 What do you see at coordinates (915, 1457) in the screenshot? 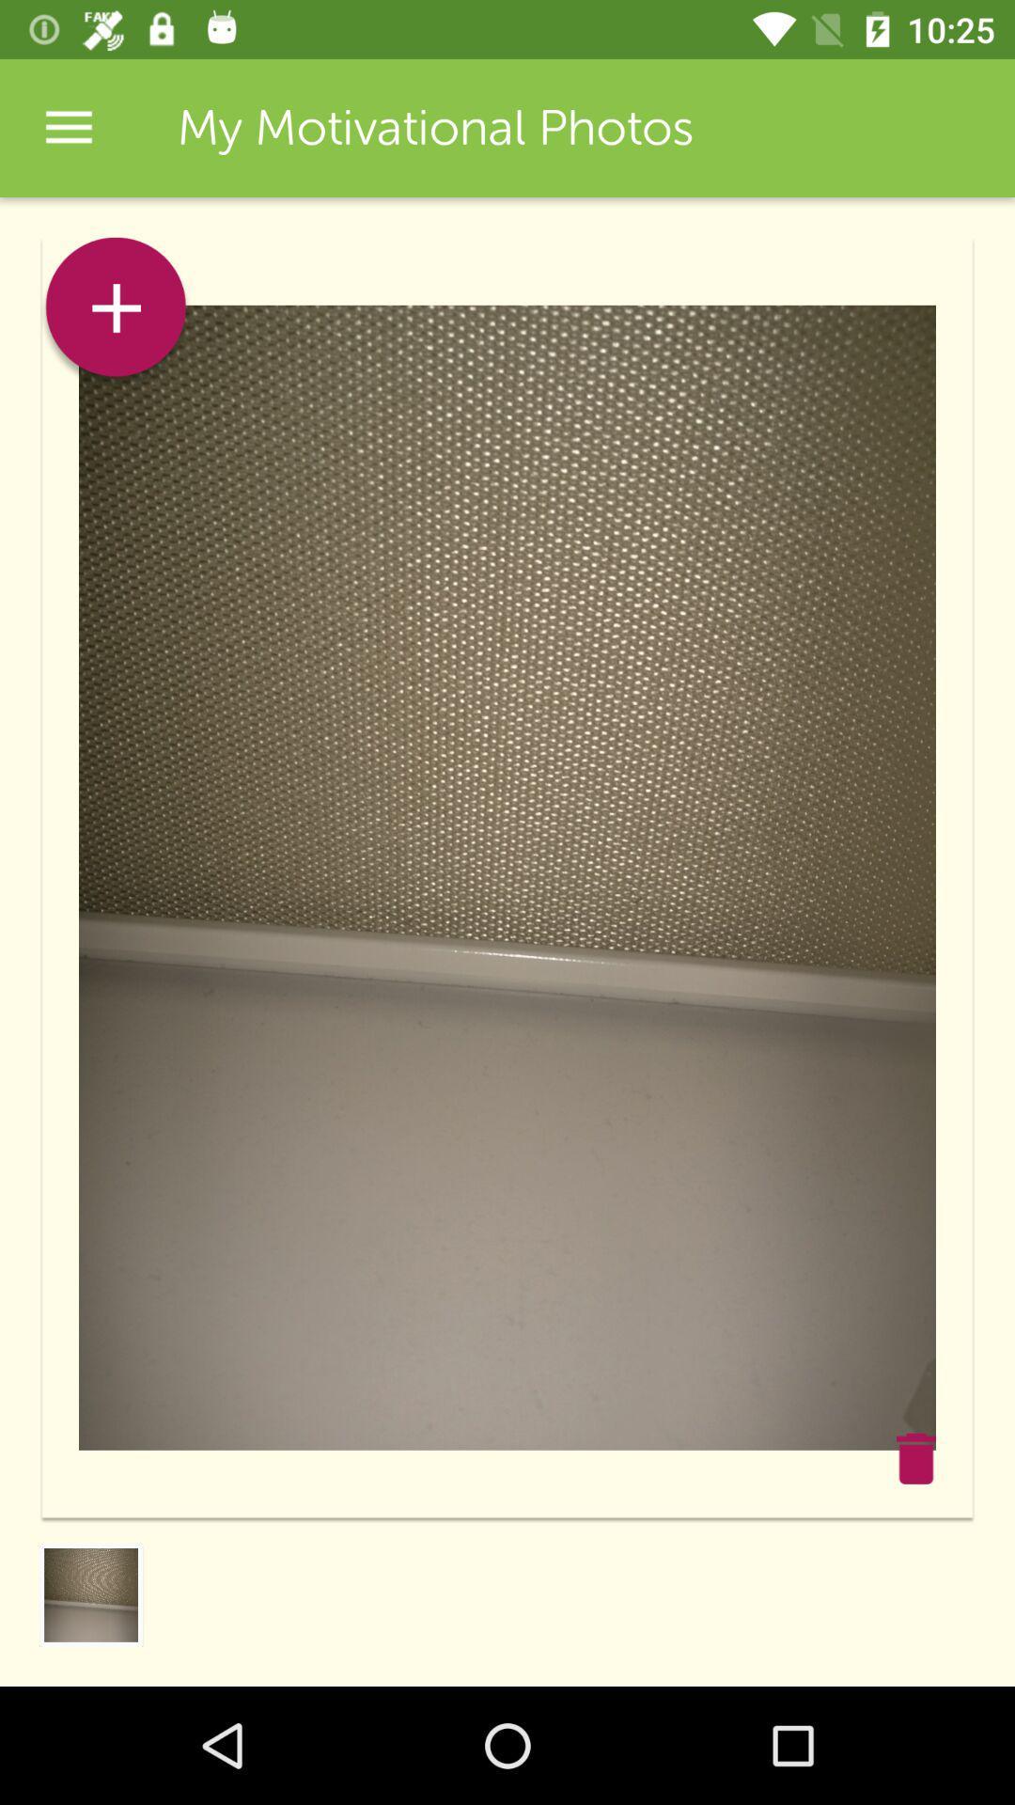
I see `the star icon` at bounding box center [915, 1457].